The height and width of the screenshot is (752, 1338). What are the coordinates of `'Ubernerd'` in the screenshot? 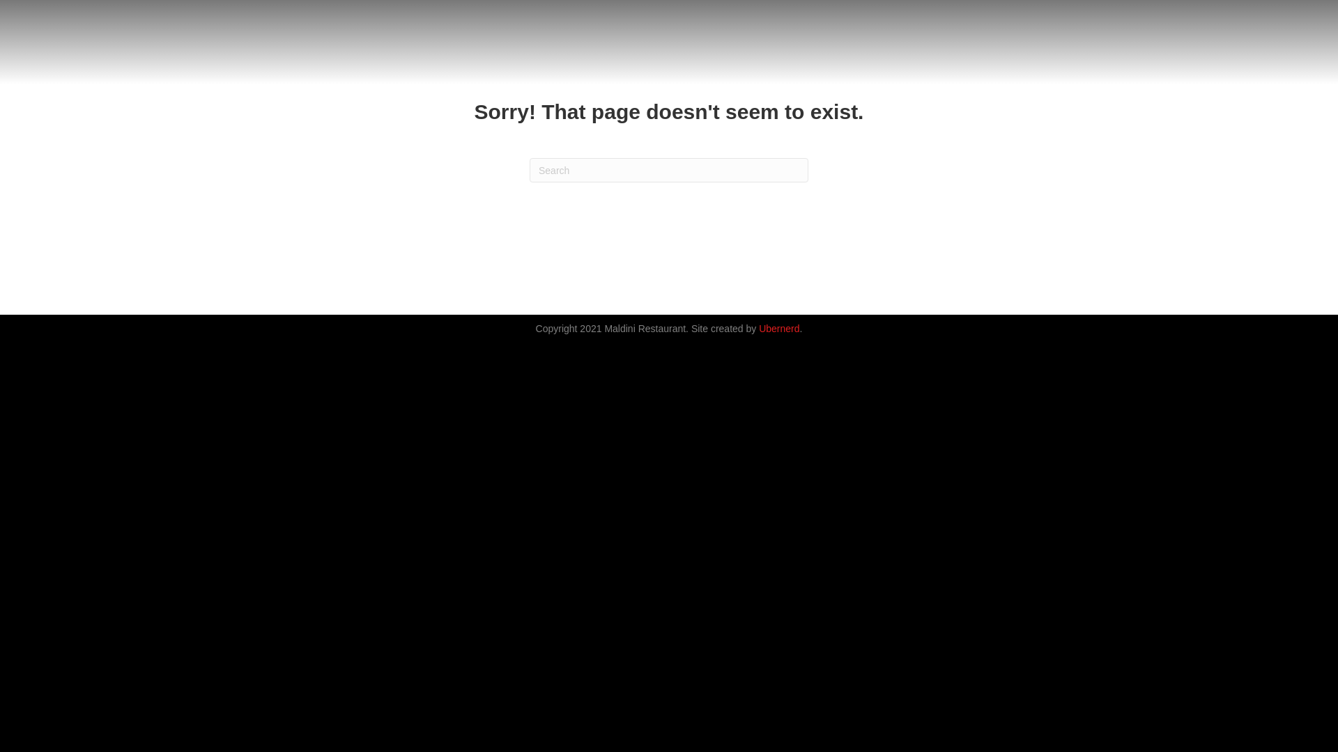 It's located at (778, 328).